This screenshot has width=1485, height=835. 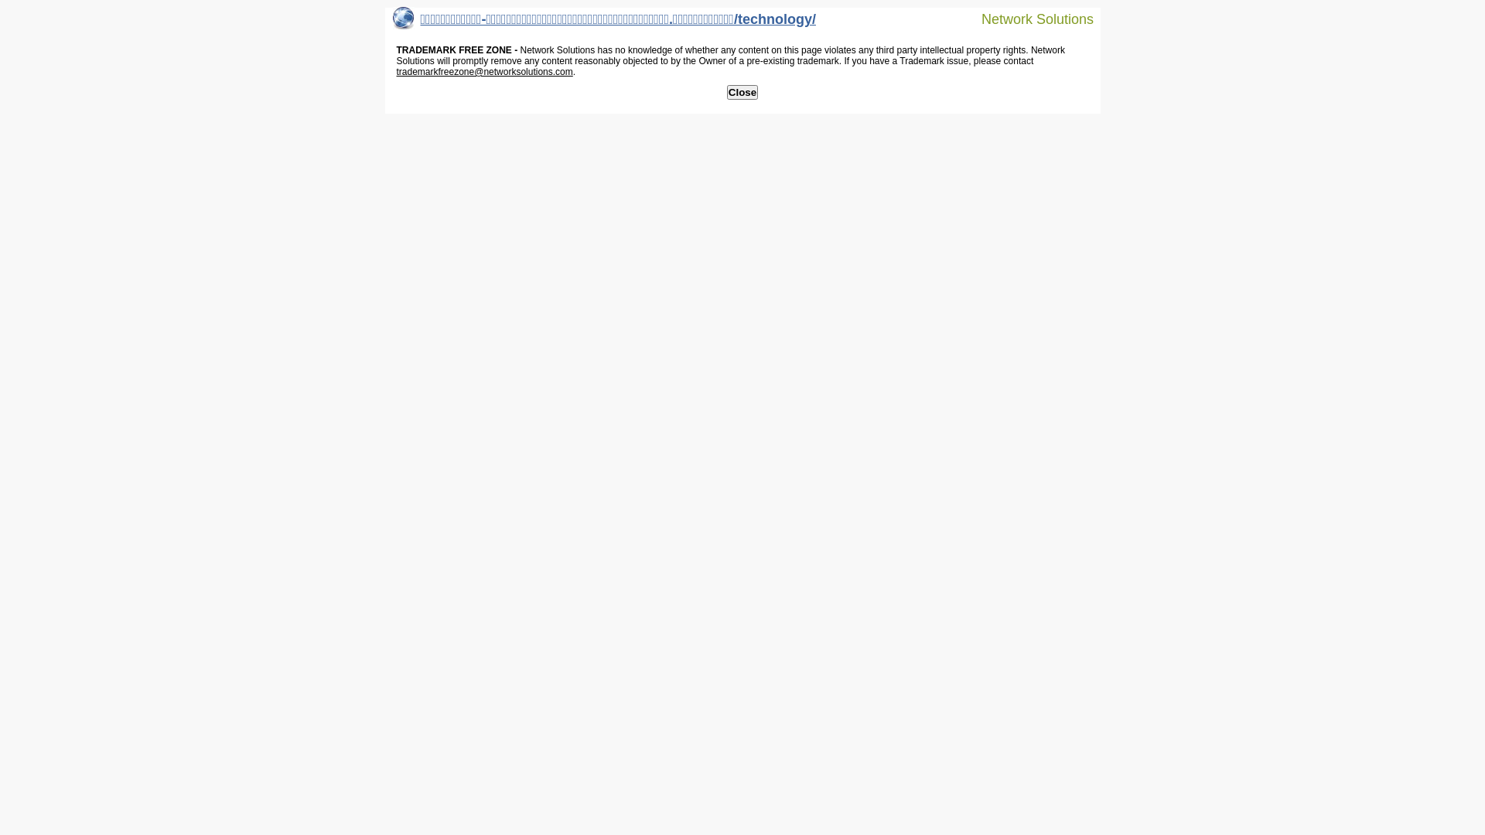 I want to click on 'Network Solutions', so click(x=1028, y=18).